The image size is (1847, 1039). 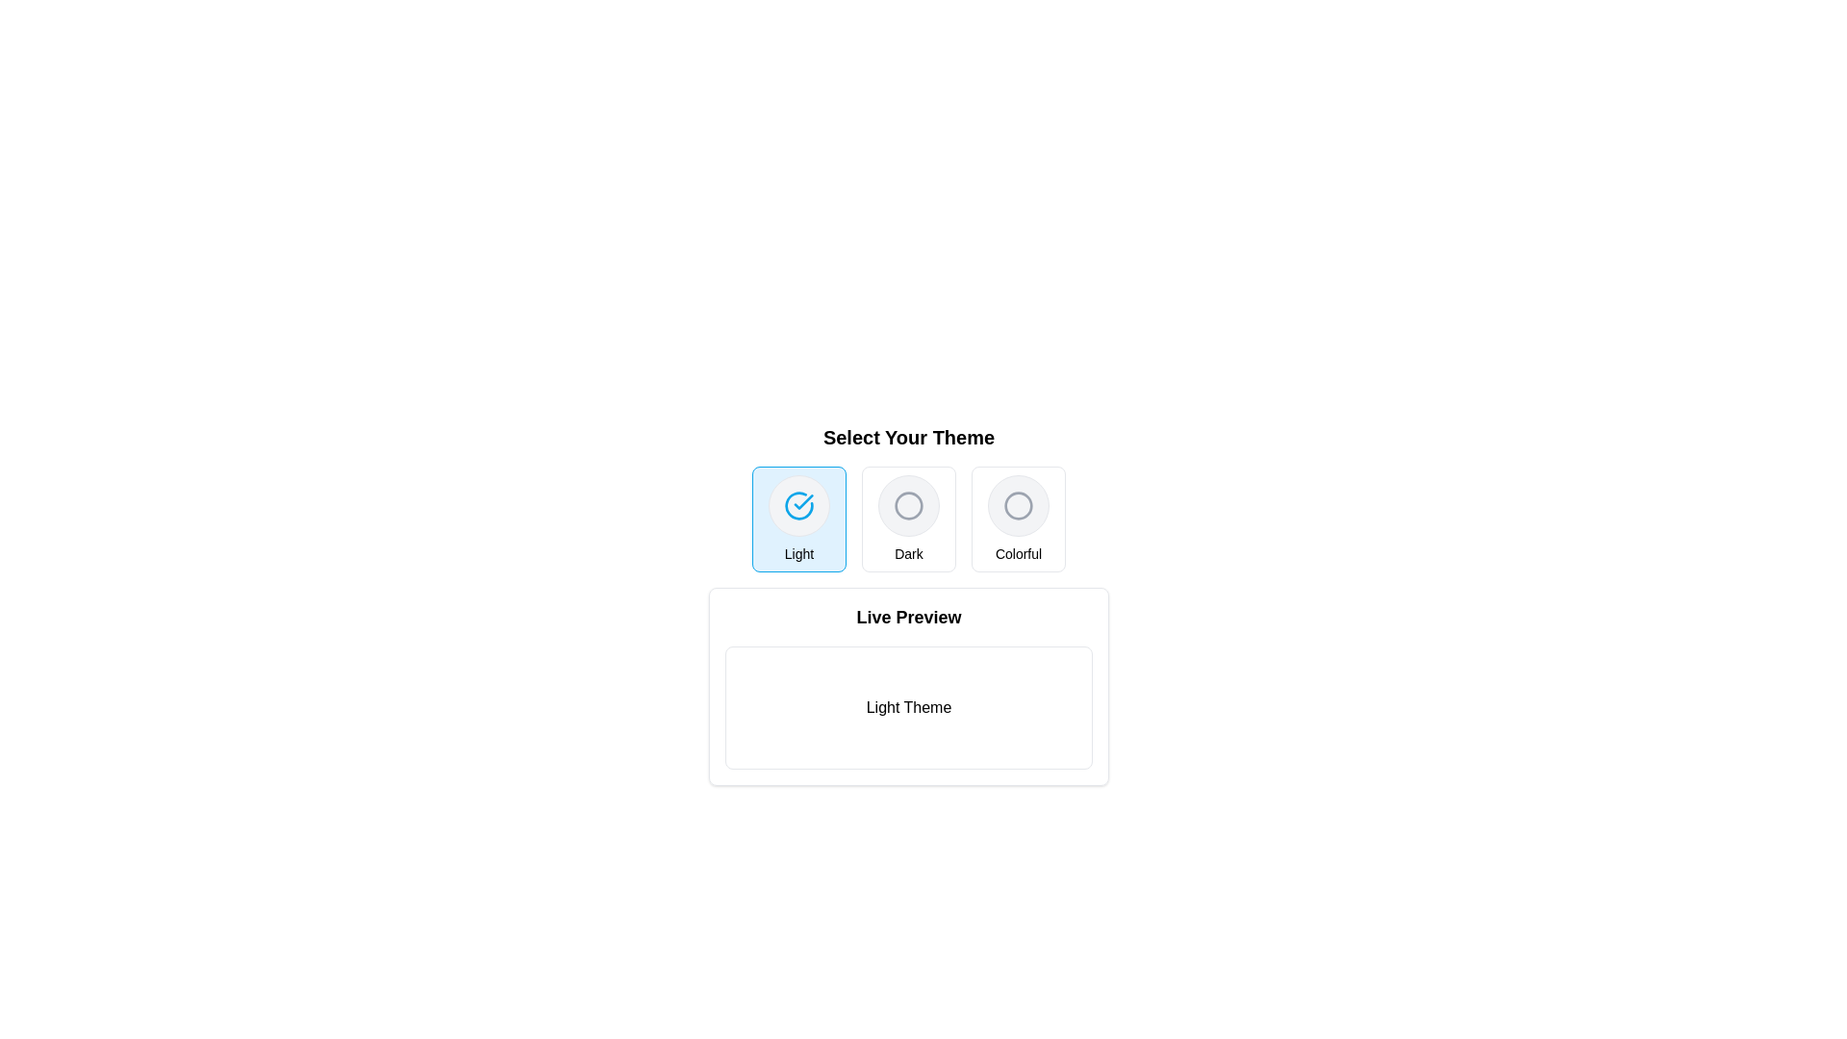 I want to click on the circular icon serving as a state indicator for selecting the 'Dark' theme, which is positioned between the 'Light' and 'Colorful' options in the 'Select Your Theme' layout, so click(x=908, y=504).